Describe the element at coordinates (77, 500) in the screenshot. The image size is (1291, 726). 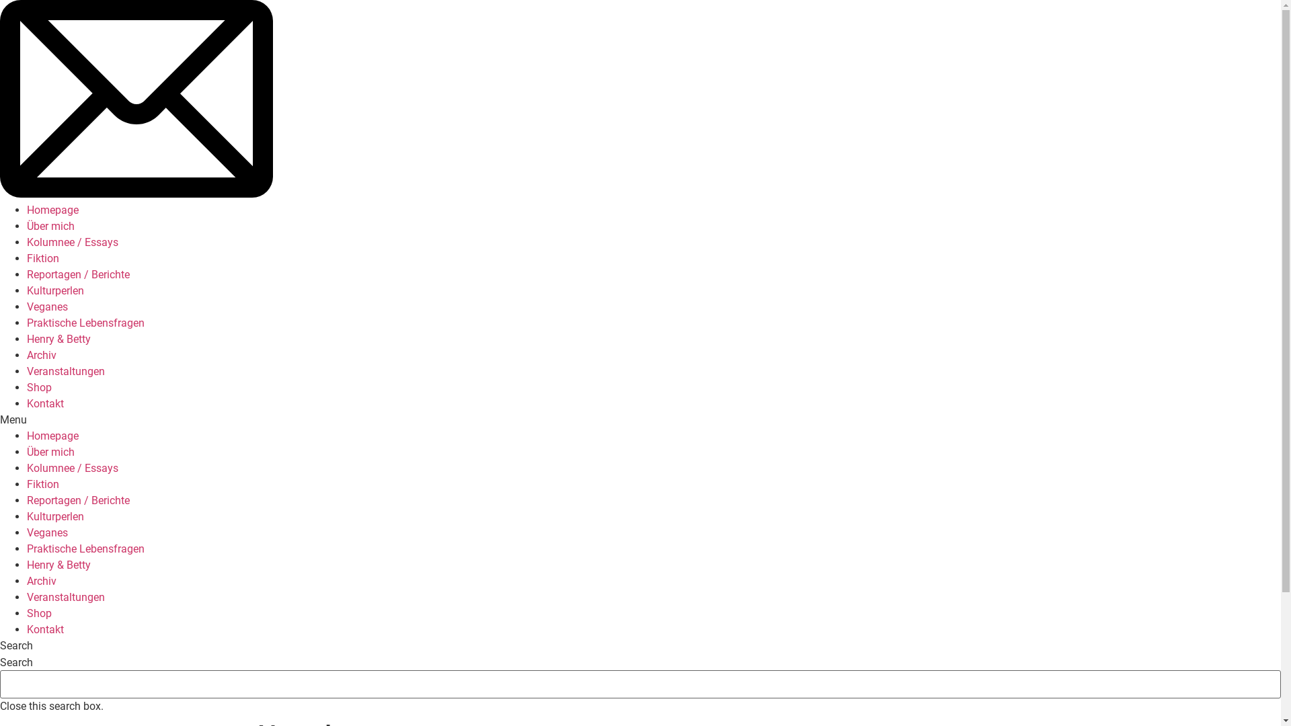
I see `'Reportagen / Berichte'` at that location.